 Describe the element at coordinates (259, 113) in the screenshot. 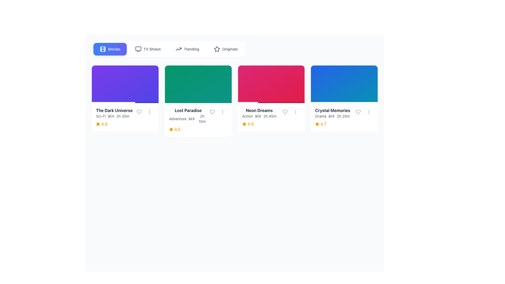

I see `the text element displaying 'Neon Dreams' which is styled in a bold, dark font on the third movie card with a pink-red background` at that location.